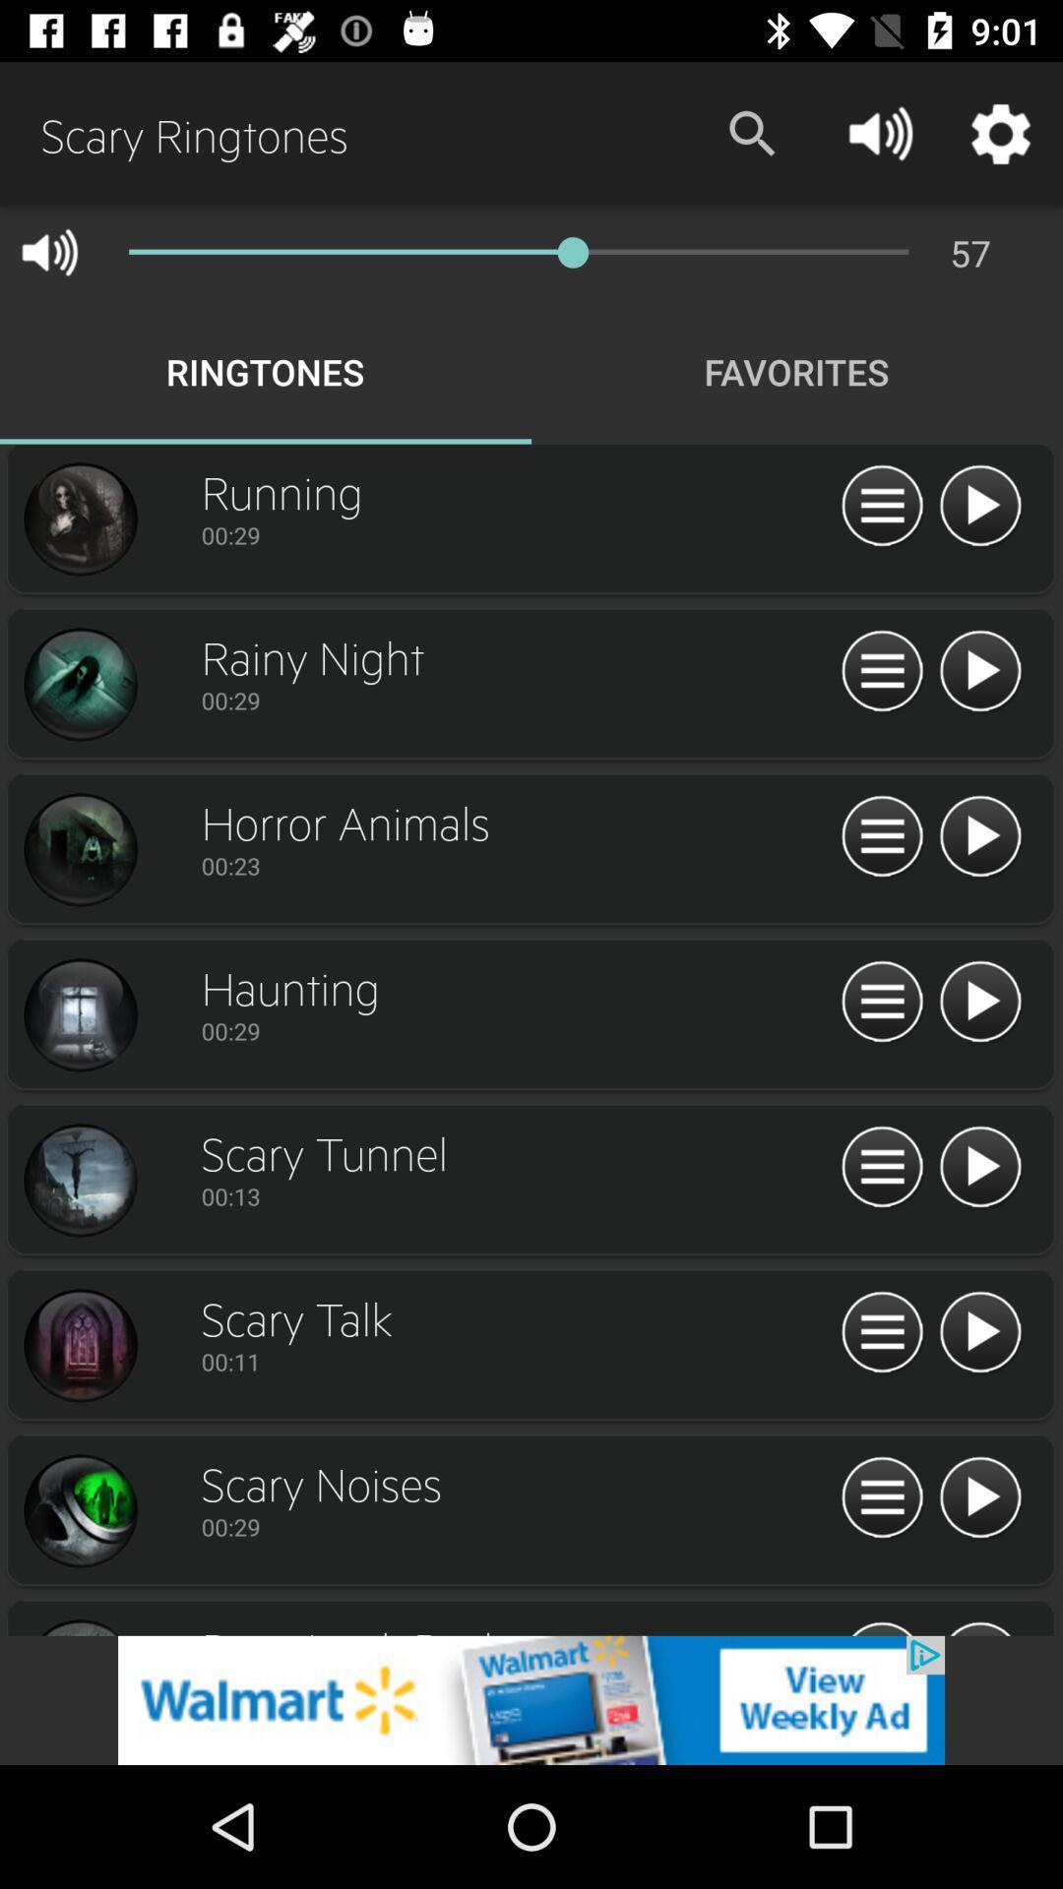 This screenshot has height=1889, width=1063. Describe the element at coordinates (979, 1333) in the screenshot. I see `a playlist` at that location.